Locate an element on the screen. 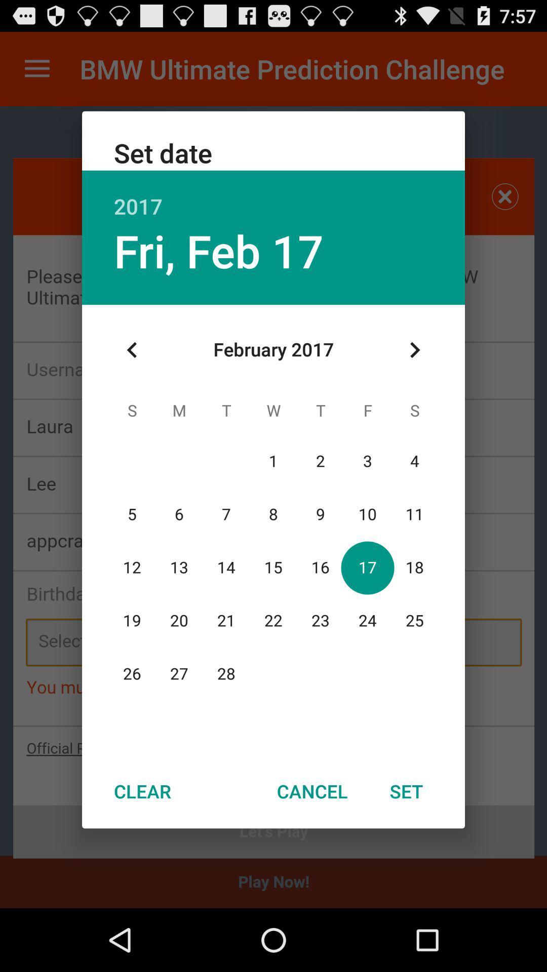 This screenshot has width=547, height=972. item above the set is located at coordinates (414, 350).